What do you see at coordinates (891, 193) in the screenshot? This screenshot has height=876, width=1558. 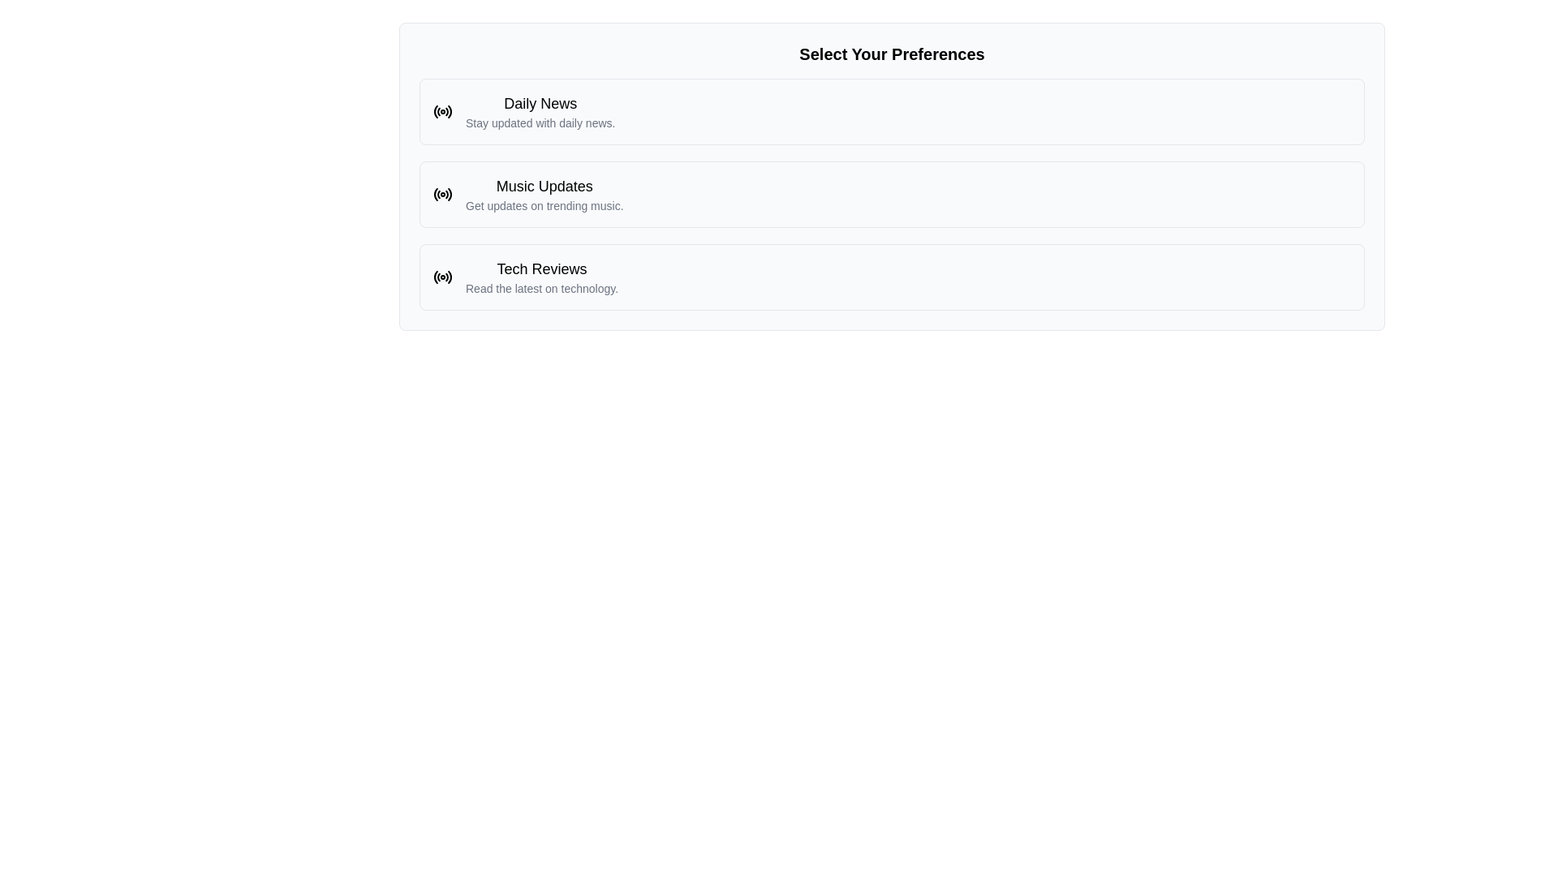 I see `the 'Music Updates' card, which is the second selectable card in a vertical list` at bounding box center [891, 193].